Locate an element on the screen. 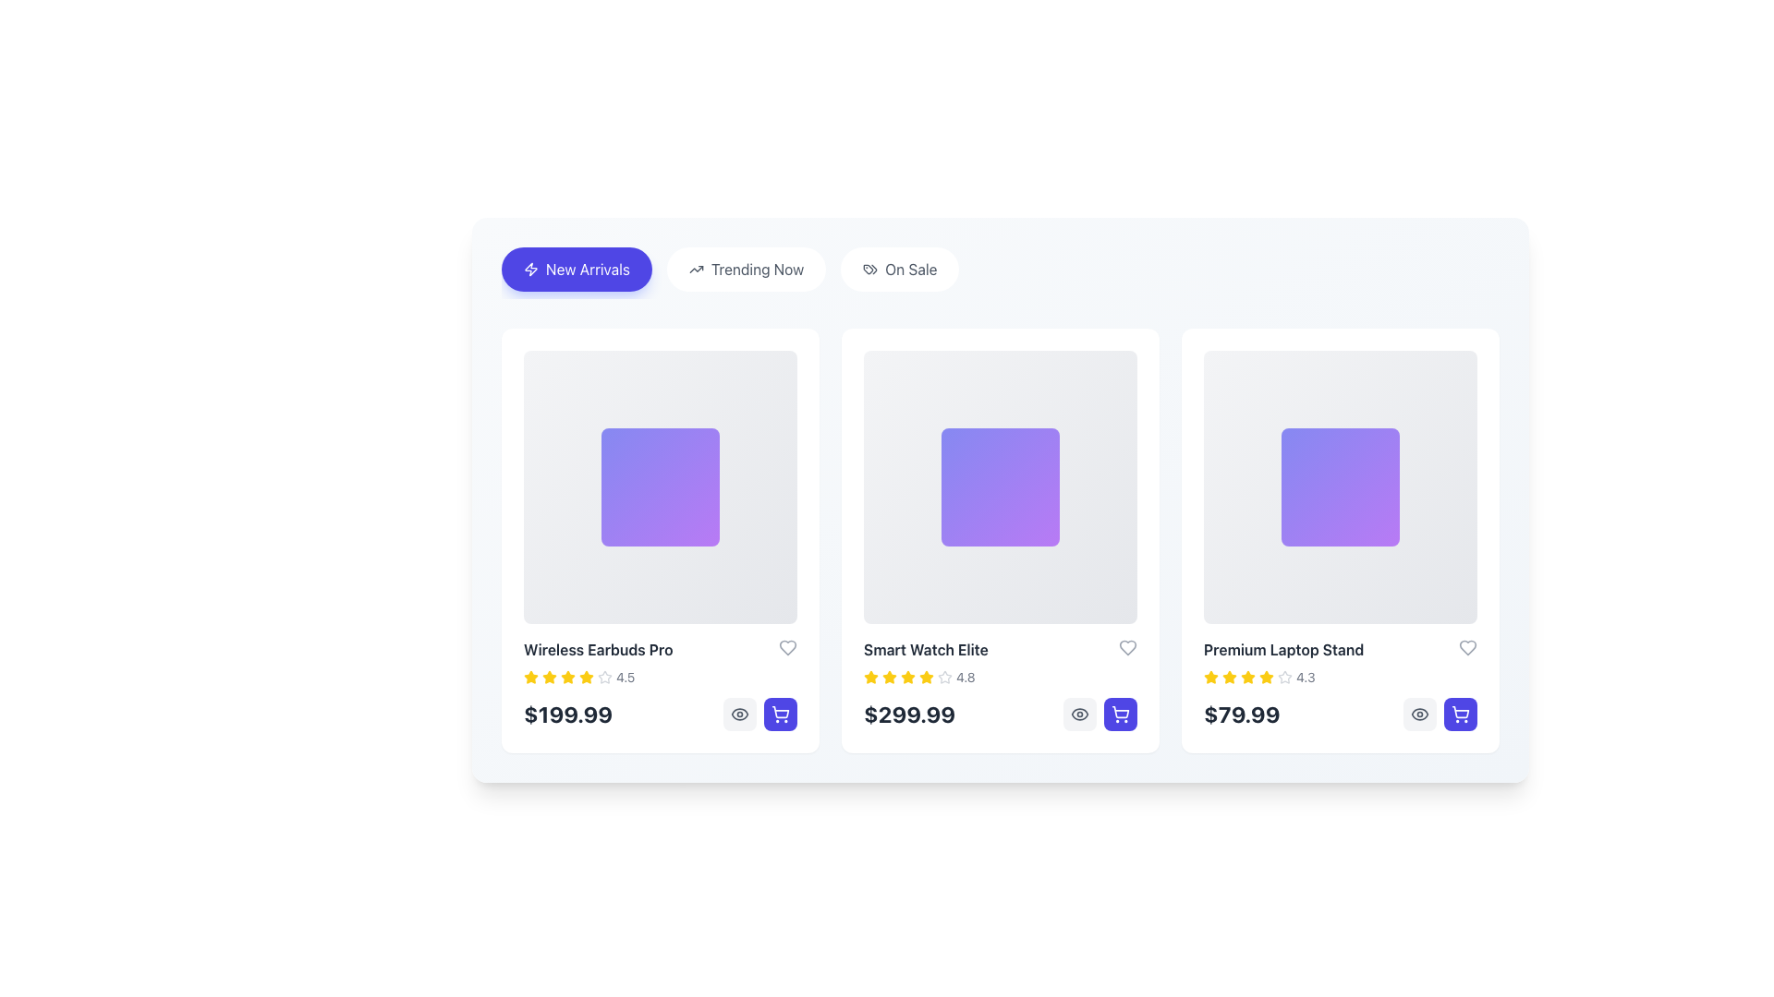 The height and width of the screenshot is (997, 1774). the non-interactive Text label located within the navigation group, positioned between the 'New Arrivals' and 'On Sale' buttons is located at coordinates (758, 270).